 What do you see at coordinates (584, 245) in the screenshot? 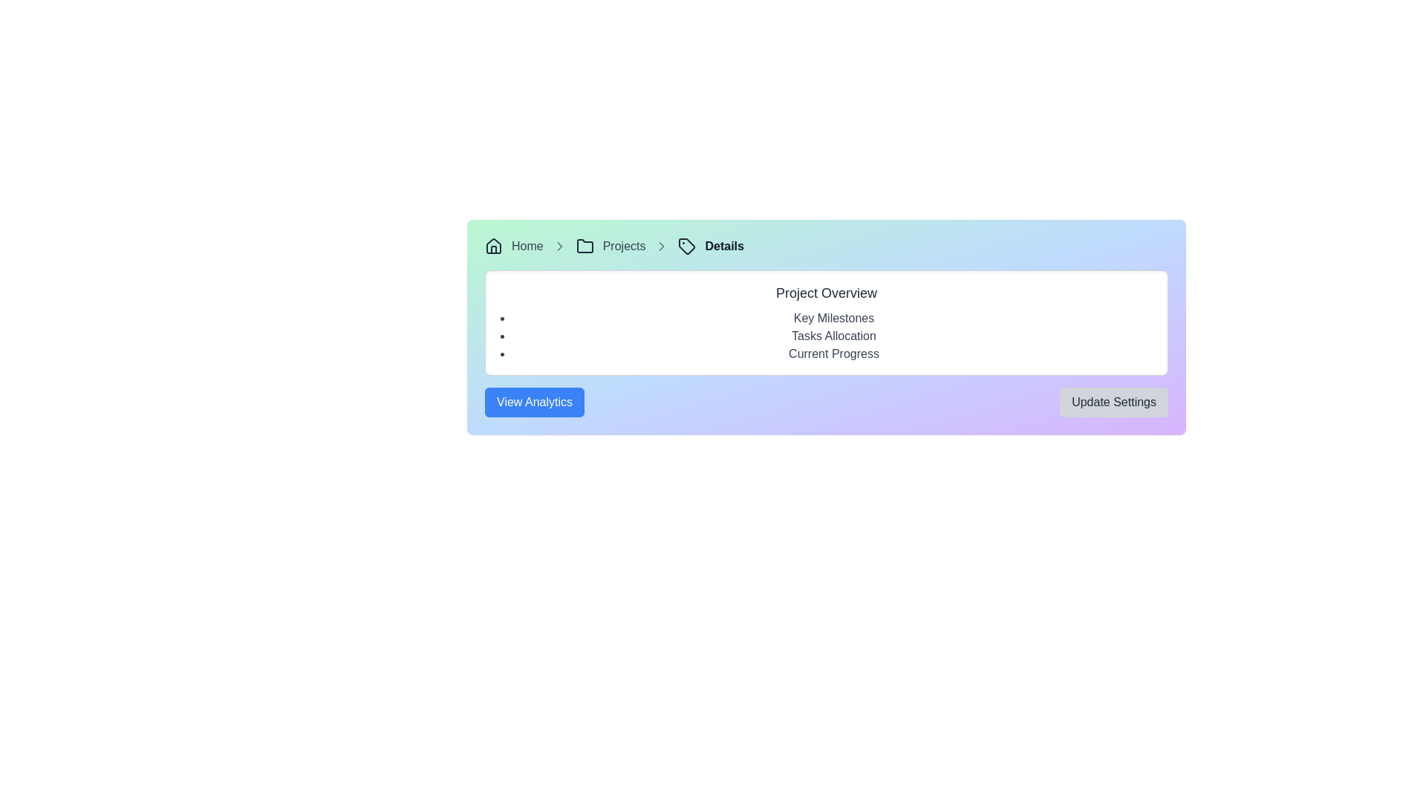
I see `the small folder icon located in the navigation breadcrumb bar, positioned between the 'Home' icon and the text label 'Projects'` at bounding box center [584, 245].